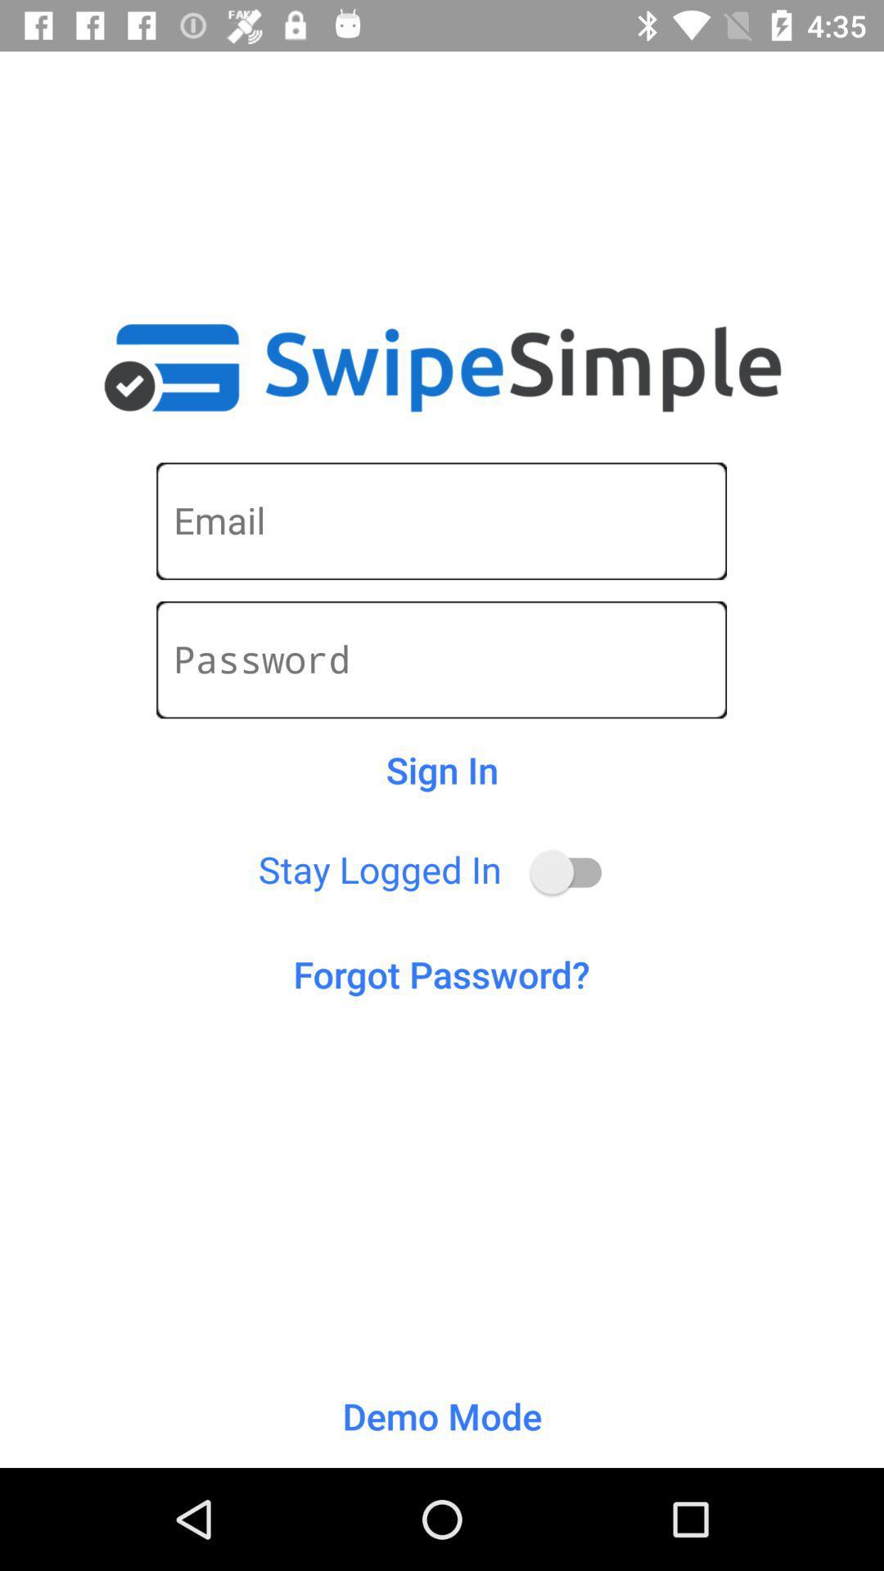  What do you see at coordinates (440, 974) in the screenshot?
I see `icon above the demo mode` at bounding box center [440, 974].